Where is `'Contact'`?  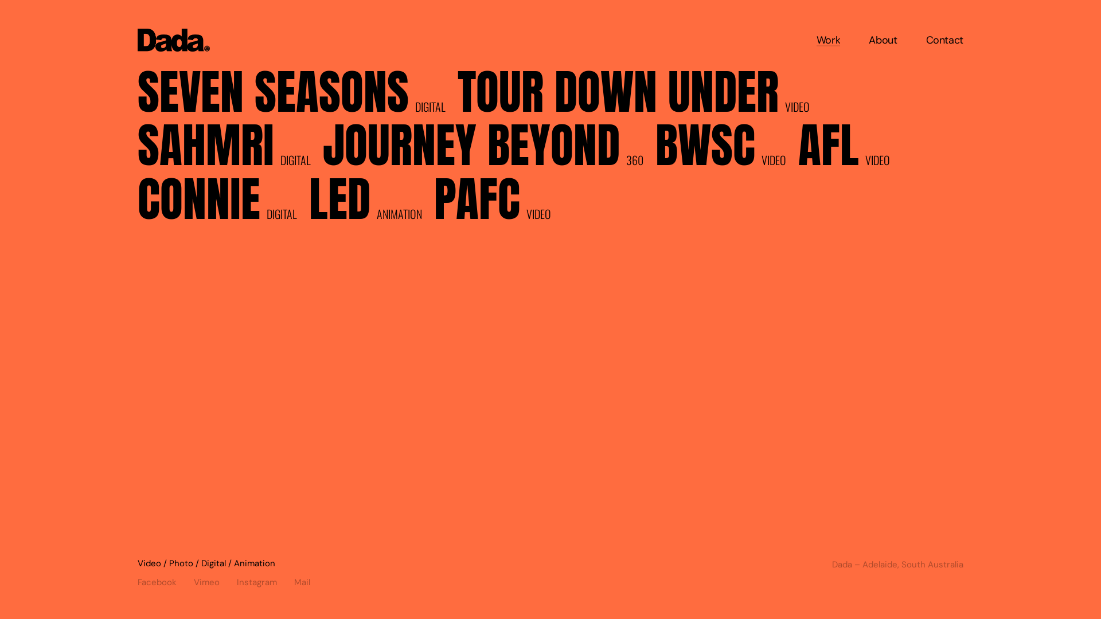
'Contact' is located at coordinates (944, 39).